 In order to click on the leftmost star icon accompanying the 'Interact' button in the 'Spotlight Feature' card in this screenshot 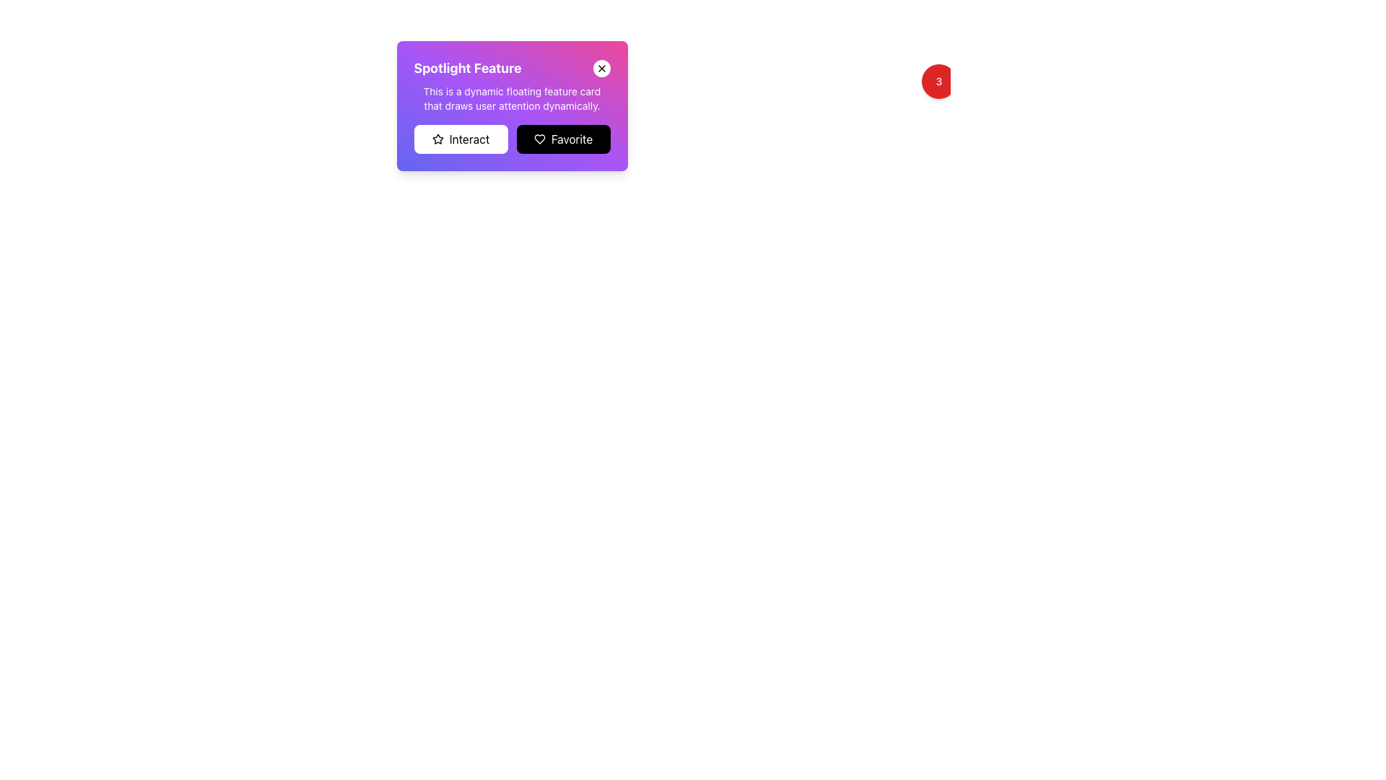, I will do `click(437, 139)`.